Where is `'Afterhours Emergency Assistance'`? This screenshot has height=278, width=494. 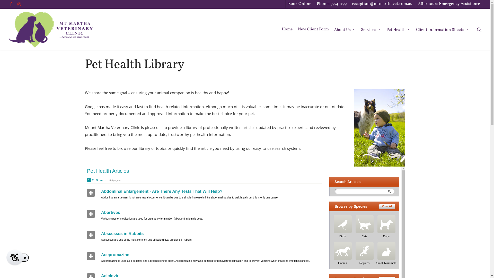
'Afterhours Emergency Assistance' is located at coordinates (415, 4).